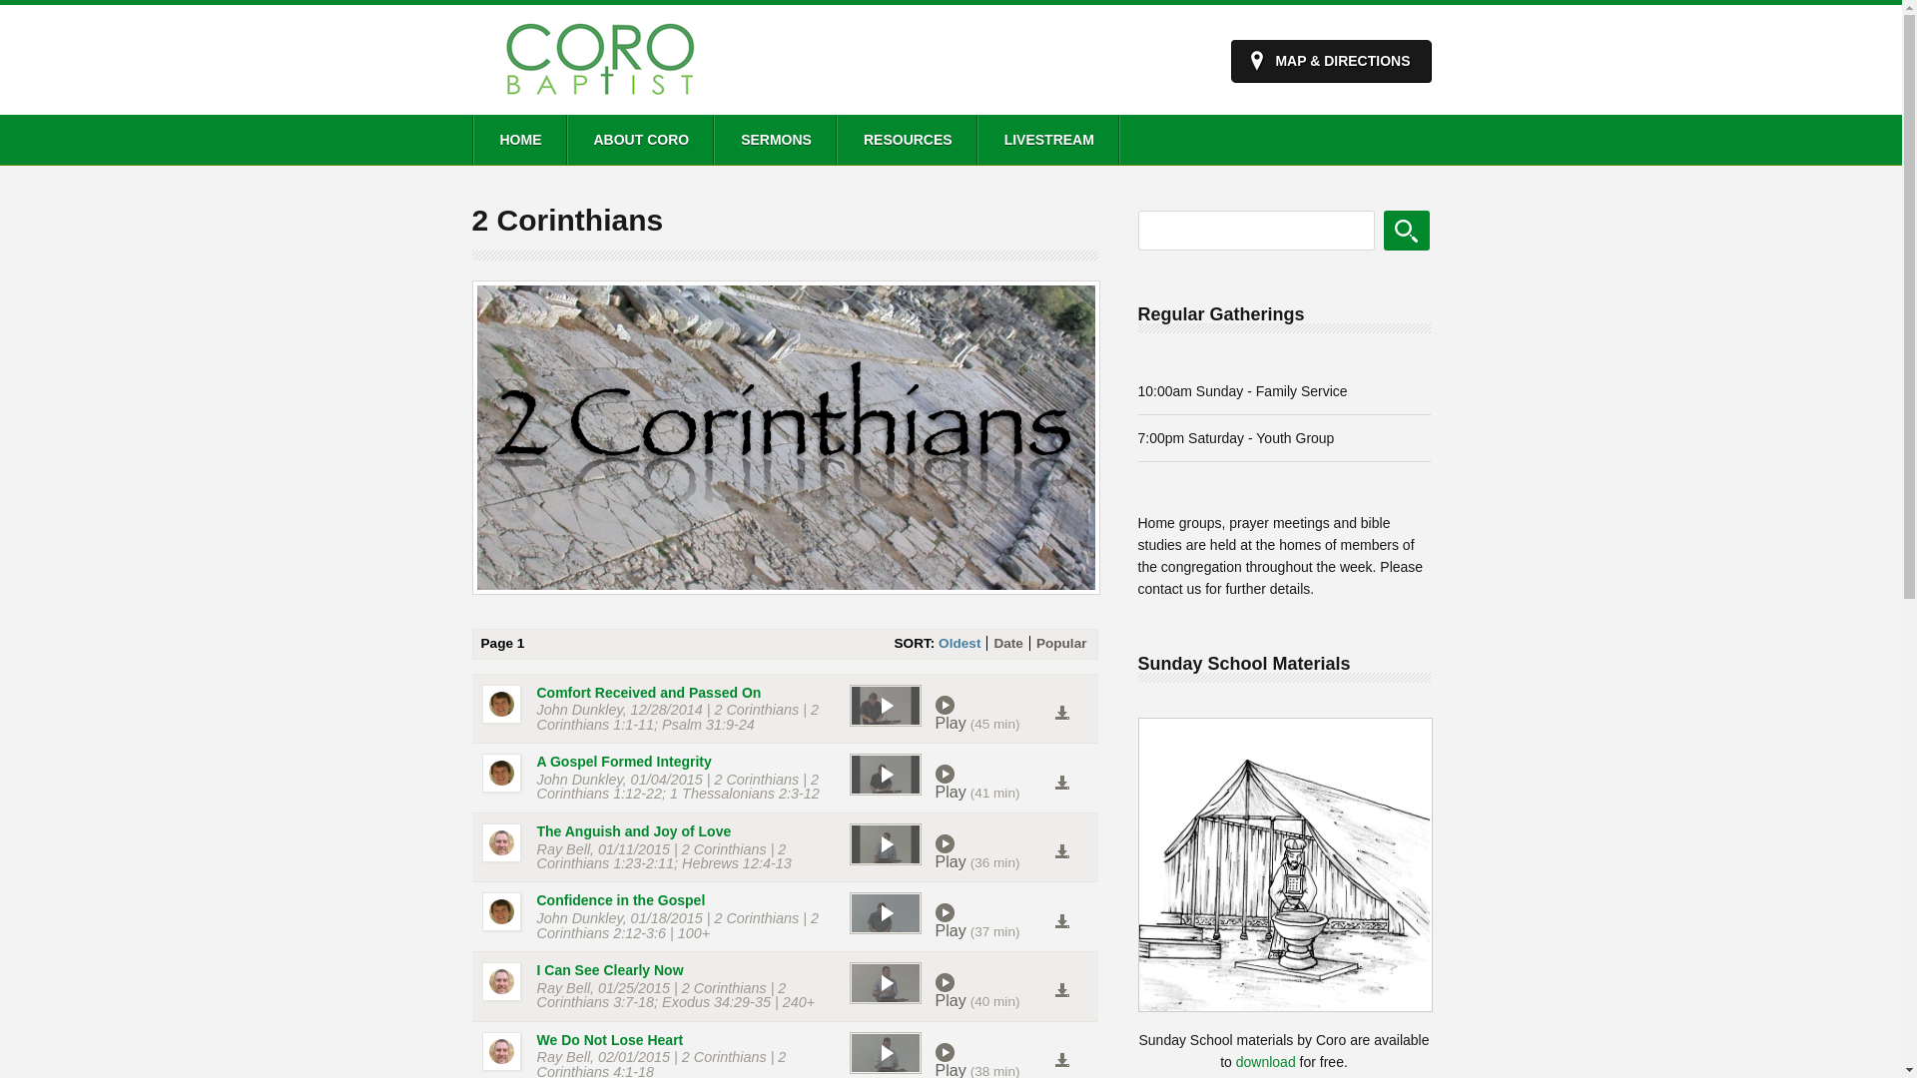 The image size is (1917, 1078). I want to click on 'Play(41 min)', so click(994, 781).